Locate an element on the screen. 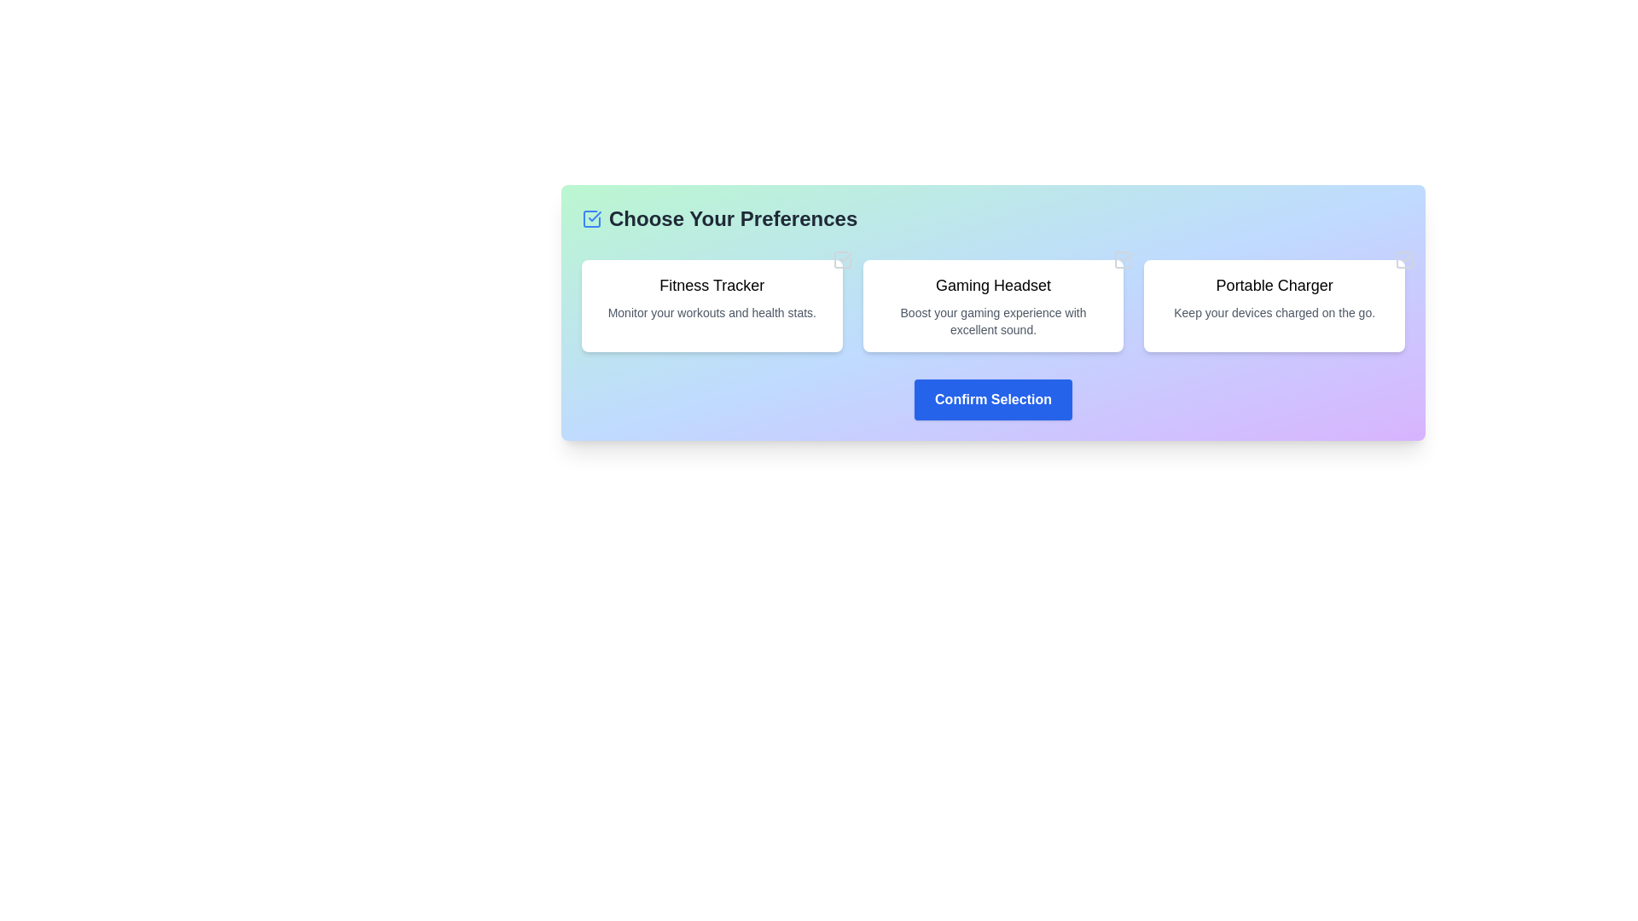  the blue checkmark icon located at the left side of the header text 'Choose Your Preferences' is located at coordinates (592, 218).